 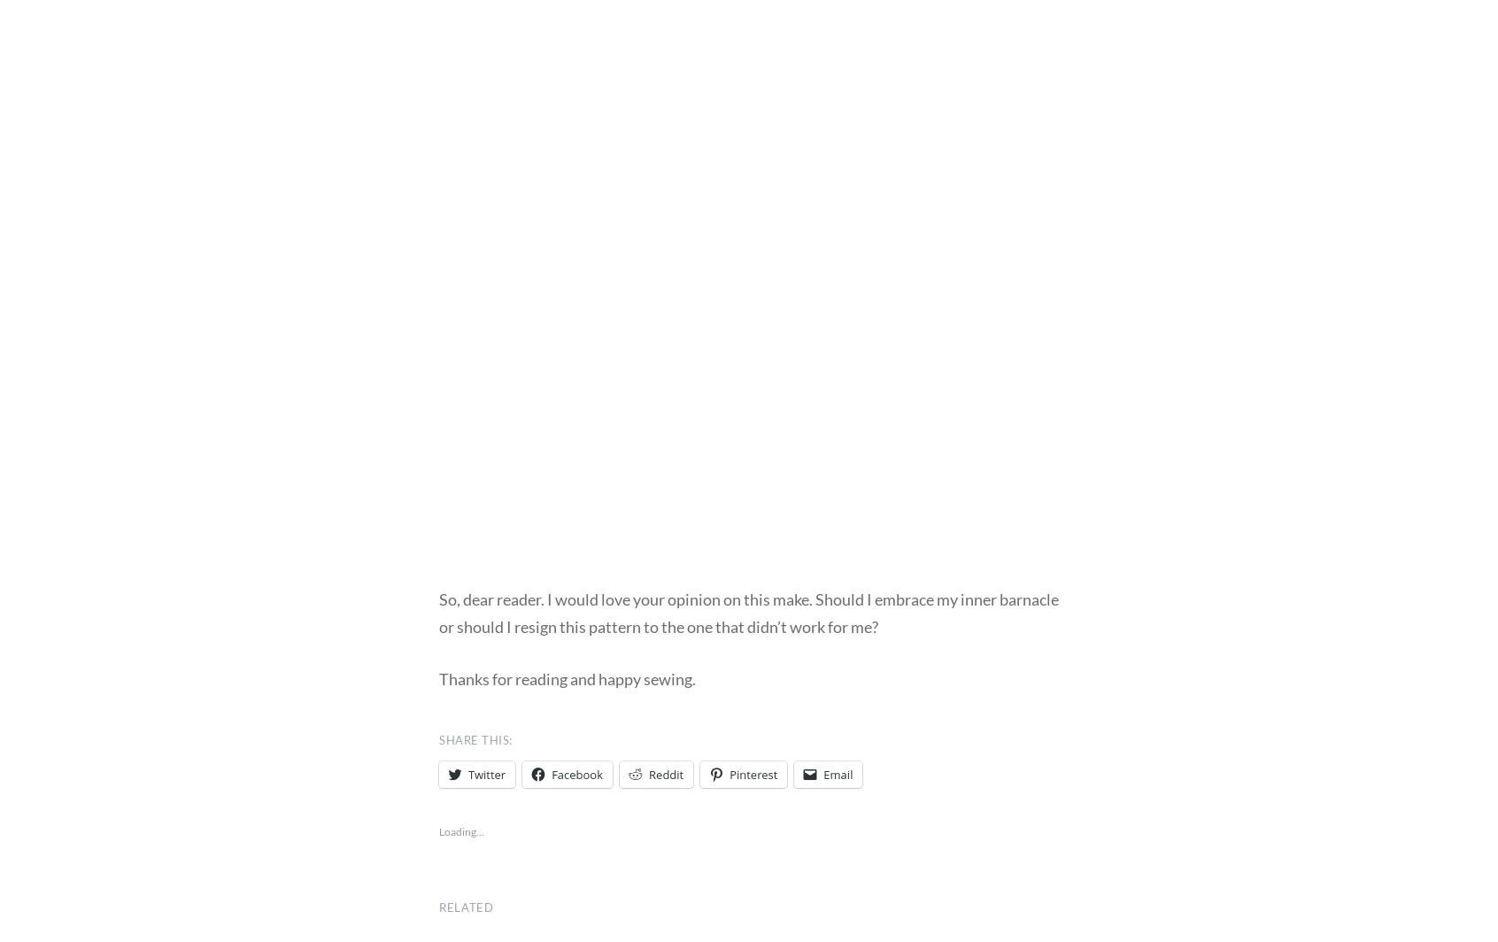 I want to click on 'So, dear reader. I would love your opinion on this make. Should I embrace my inner barnacle or should I resign this pattern to the one that didn’t work for me?', so click(x=749, y=613).